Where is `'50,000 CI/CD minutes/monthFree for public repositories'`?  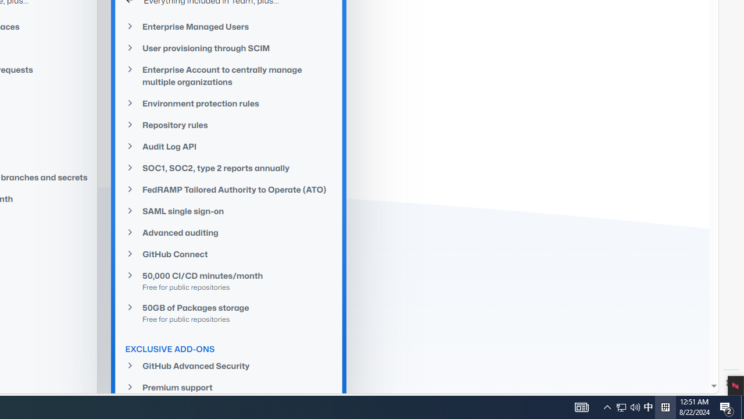 '50,000 CI/CD minutes/monthFree for public repositories' is located at coordinates (229, 280).